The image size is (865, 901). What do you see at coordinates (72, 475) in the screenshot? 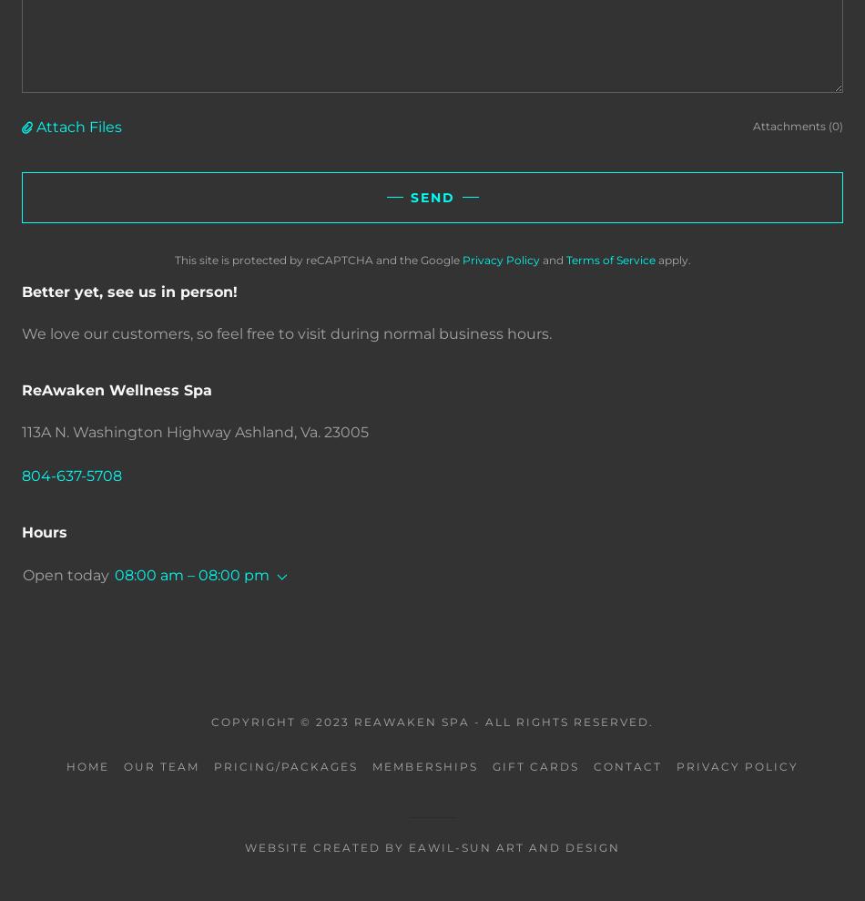
I see `'804-637-5708'` at bounding box center [72, 475].